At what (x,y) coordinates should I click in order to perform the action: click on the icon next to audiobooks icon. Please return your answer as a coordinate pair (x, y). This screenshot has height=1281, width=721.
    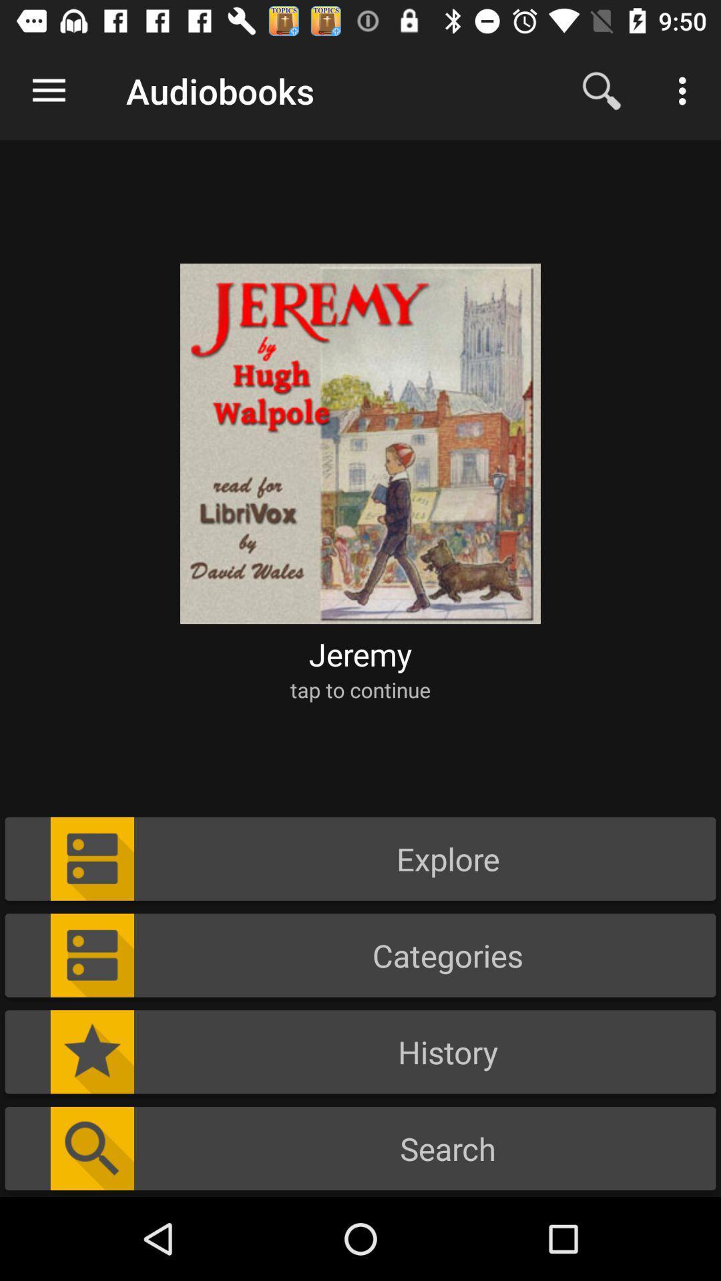
    Looking at the image, I should click on (48, 90).